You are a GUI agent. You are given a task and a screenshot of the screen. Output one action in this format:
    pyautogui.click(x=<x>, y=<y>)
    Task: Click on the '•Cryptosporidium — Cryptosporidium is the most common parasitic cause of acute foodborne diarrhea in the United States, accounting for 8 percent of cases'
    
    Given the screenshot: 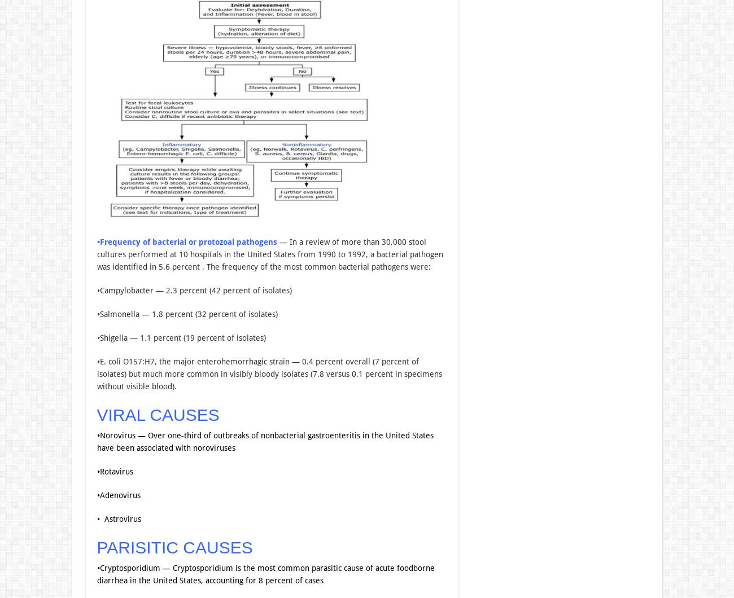 What is the action you would take?
    pyautogui.click(x=264, y=573)
    